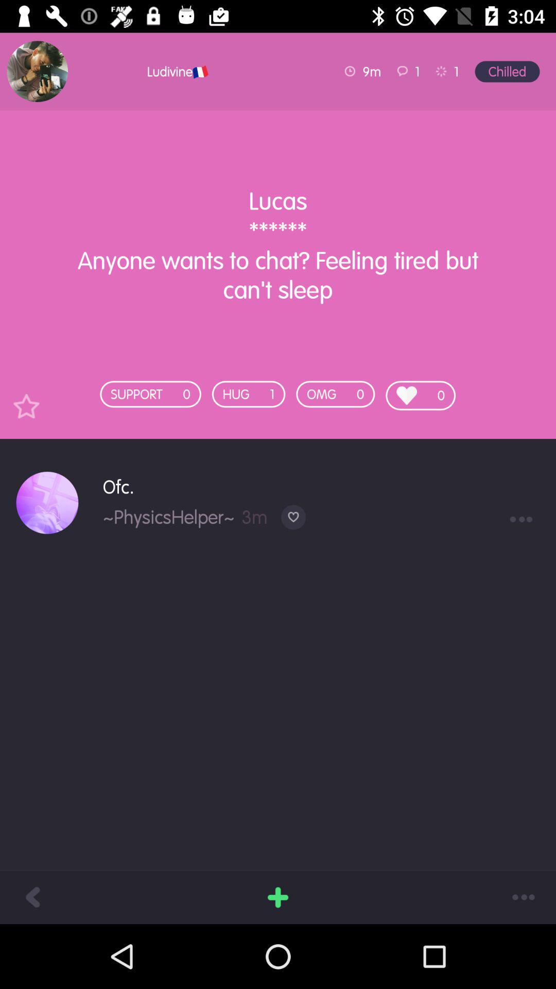 Image resolution: width=556 pixels, height=989 pixels. I want to click on the item next to the 3m item, so click(168, 517).